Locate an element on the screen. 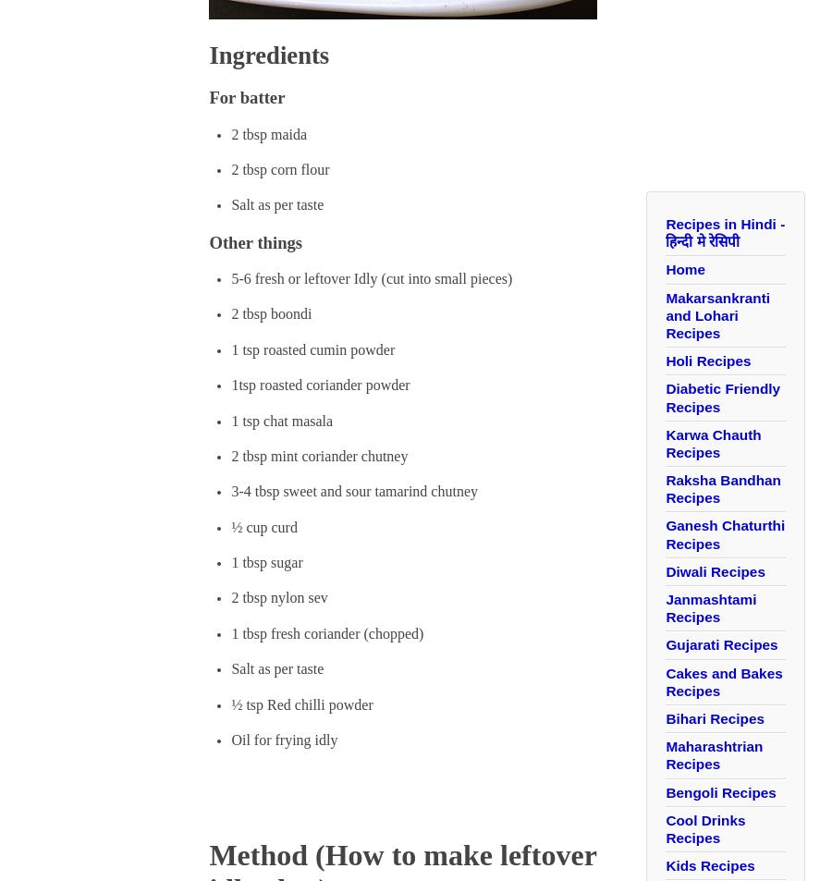  'Maharashtrian  Recipes' is located at coordinates (713, 755).